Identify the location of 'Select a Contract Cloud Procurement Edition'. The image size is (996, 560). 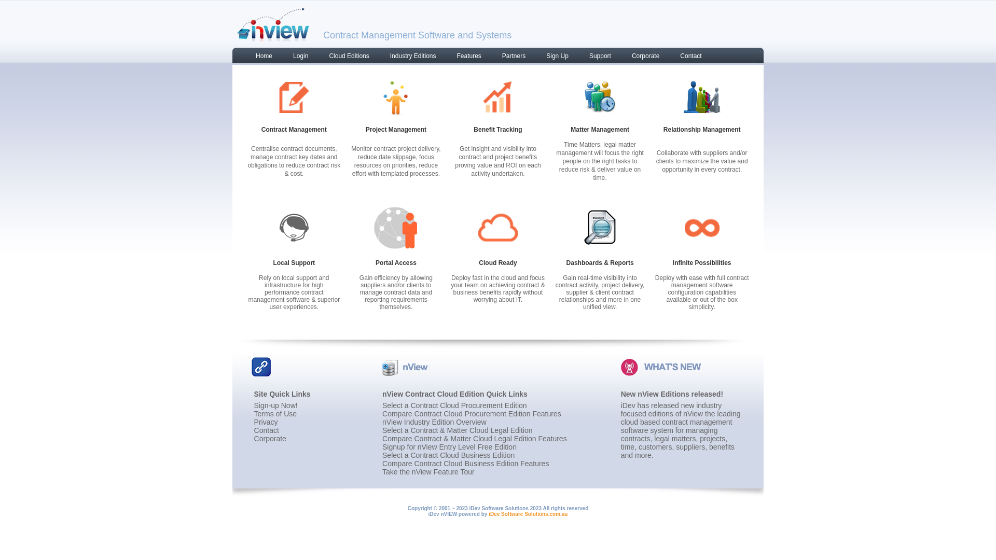
(454, 405).